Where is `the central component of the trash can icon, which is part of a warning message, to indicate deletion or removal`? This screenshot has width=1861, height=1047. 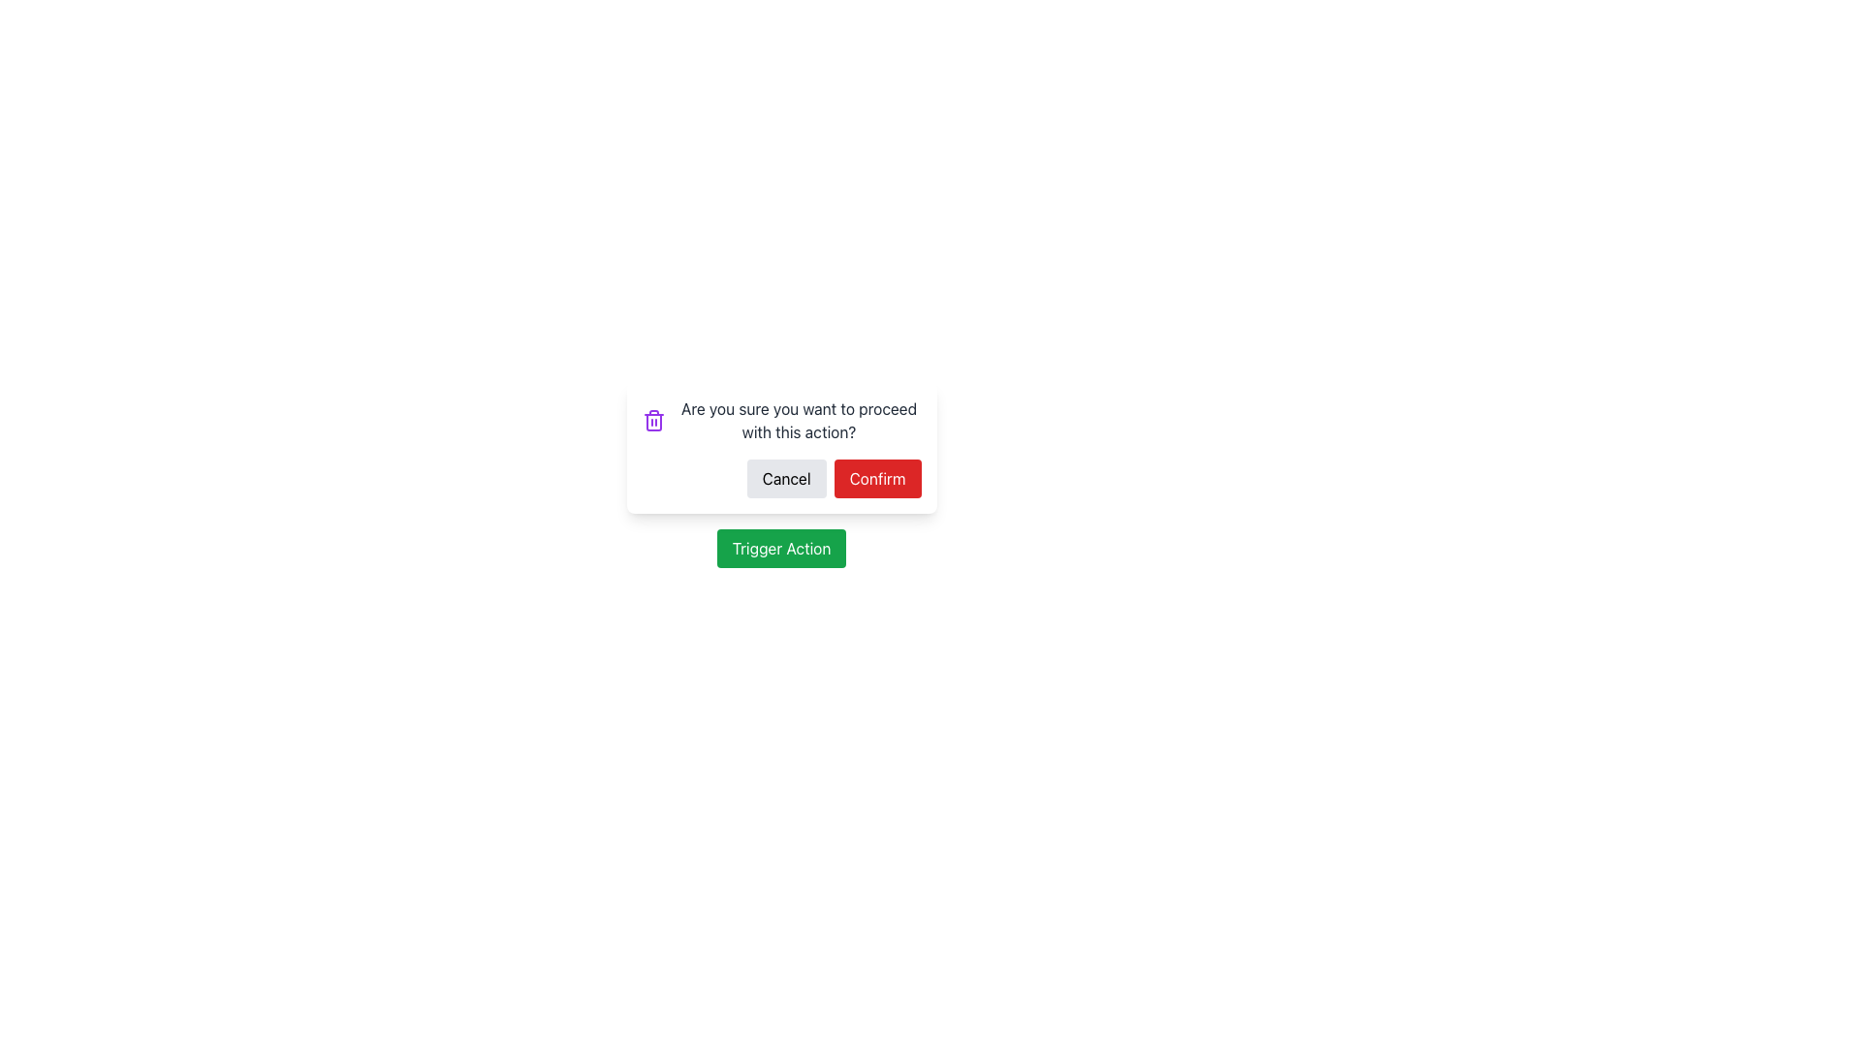 the central component of the trash can icon, which is part of a warning message, to indicate deletion or removal is located at coordinates (653, 421).